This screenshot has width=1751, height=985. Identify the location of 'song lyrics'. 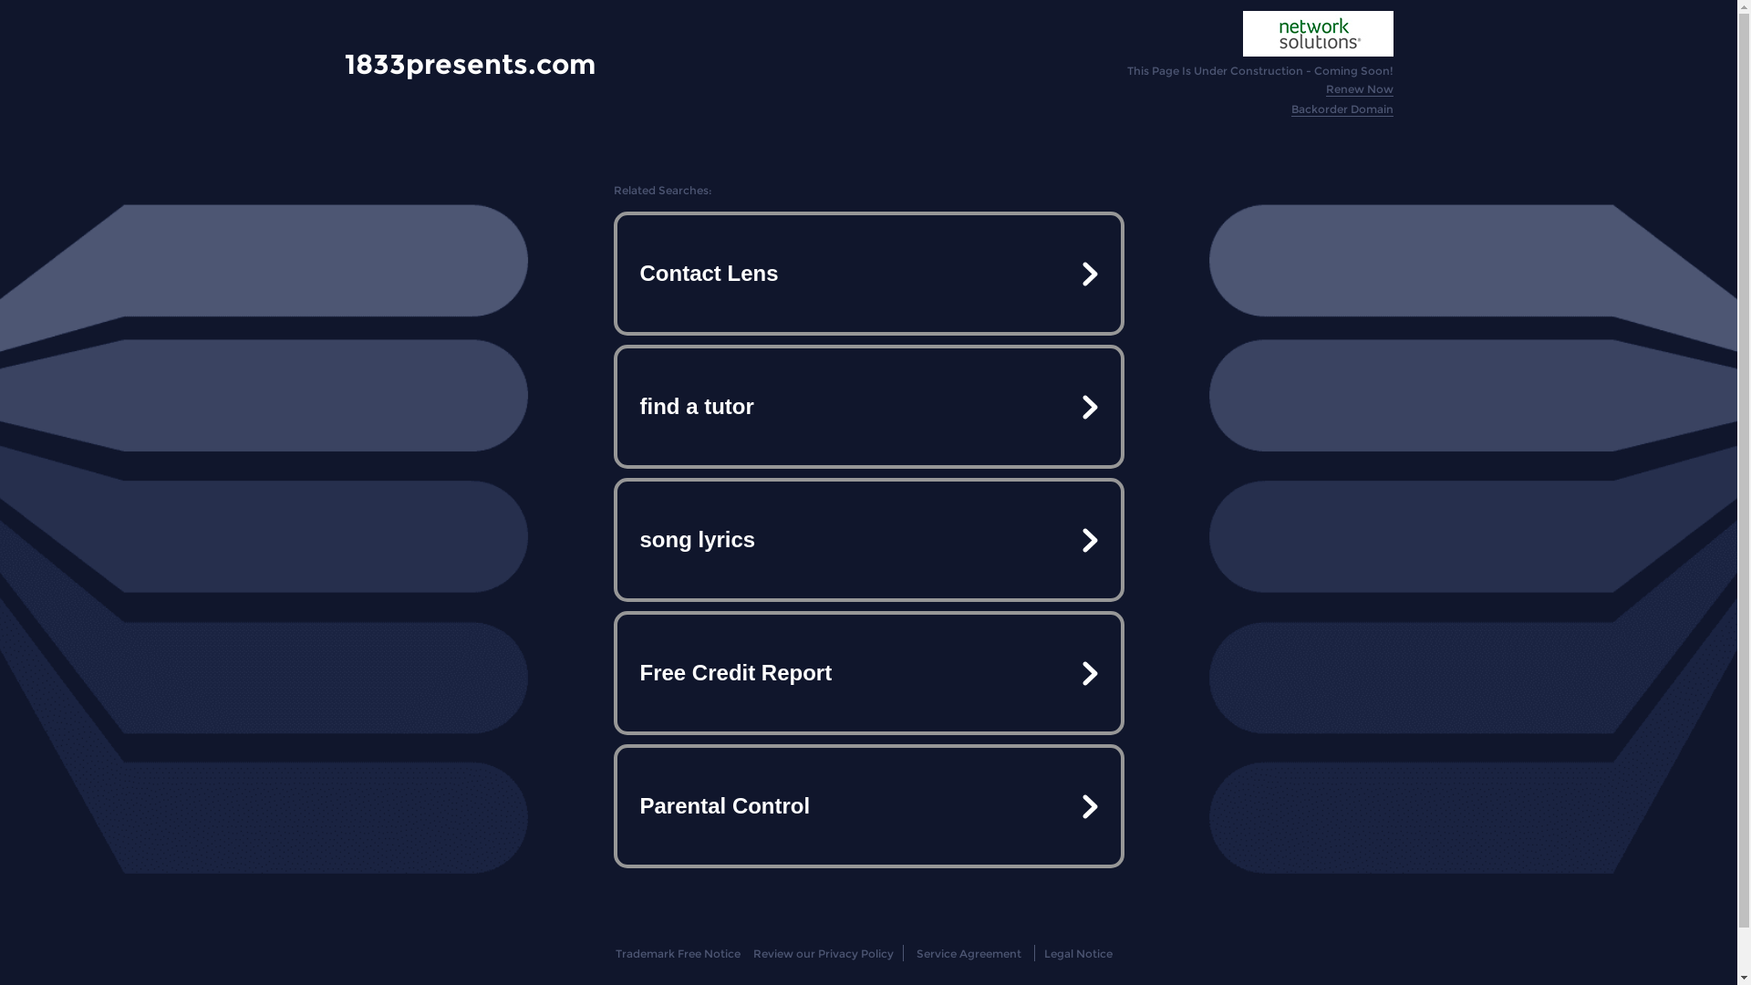
(866, 538).